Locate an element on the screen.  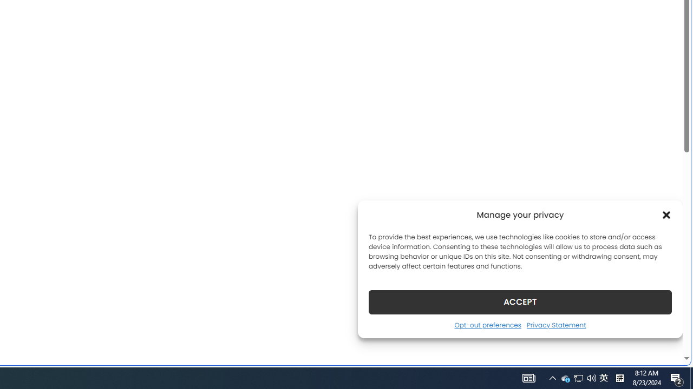
'Class: cmplz-close' is located at coordinates (666, 214).